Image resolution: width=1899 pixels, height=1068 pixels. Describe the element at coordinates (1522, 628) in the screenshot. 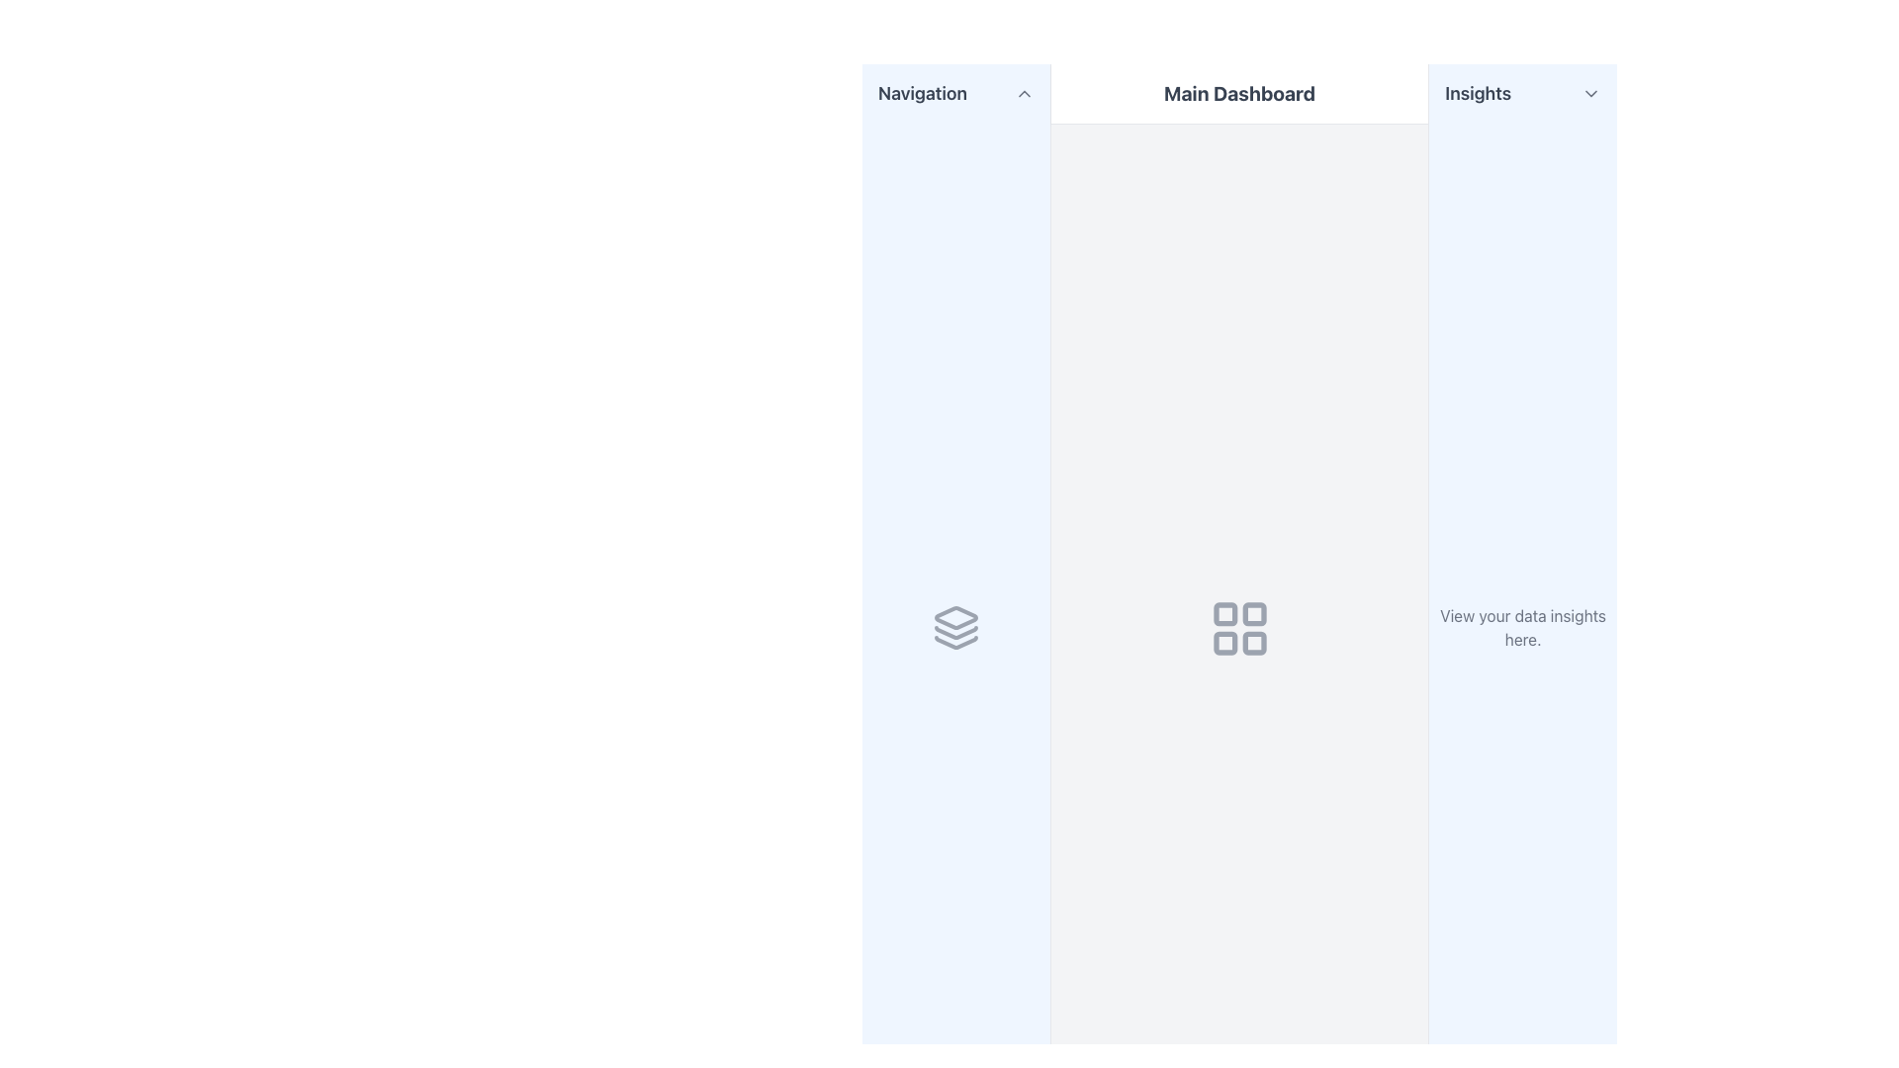

I see `the text element that reads 'View your data insights here.' which is positioned in the rightmost column of the layout on a faint blue background` at that location.